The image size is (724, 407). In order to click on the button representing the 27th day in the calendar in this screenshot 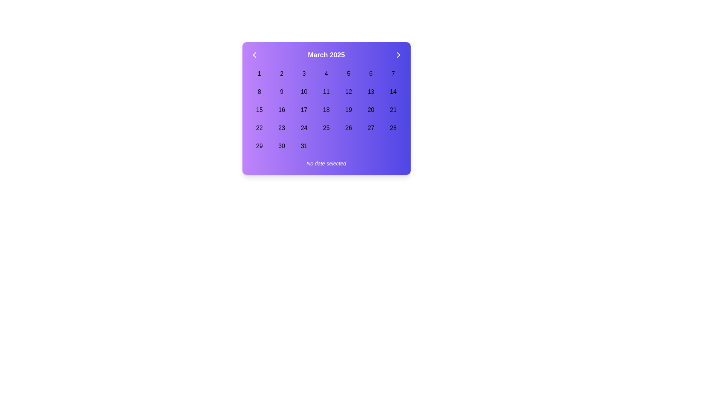, I will do `click(371, 127)`.